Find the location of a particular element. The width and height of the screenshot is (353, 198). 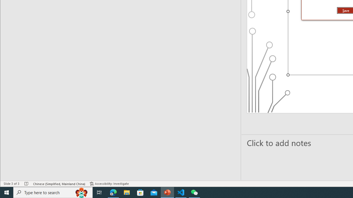

'Microsoft Edge - 1 running window' is located at coordinates (113, 192).